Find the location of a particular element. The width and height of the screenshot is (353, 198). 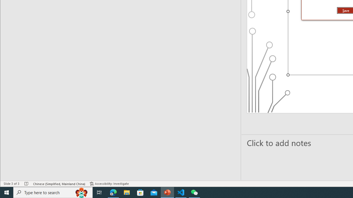

'Microsoft Edge - 1 running window' is located at coordinates (113, 192).